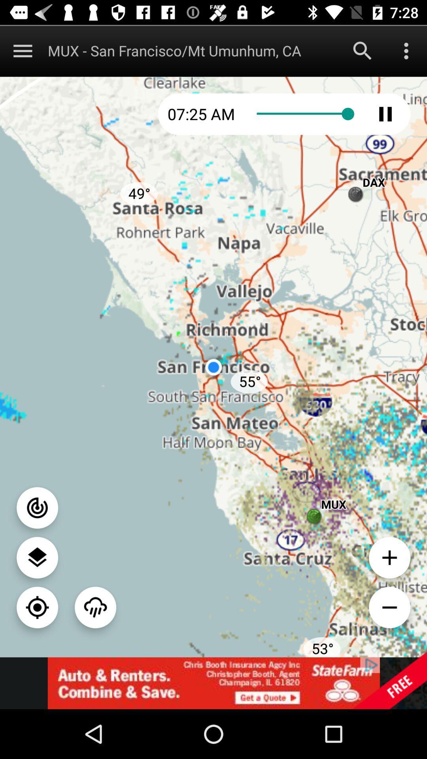  What do you see at coordinates (406, 50) in the screenshot?
I see `option` at bounding box center [406, 50].